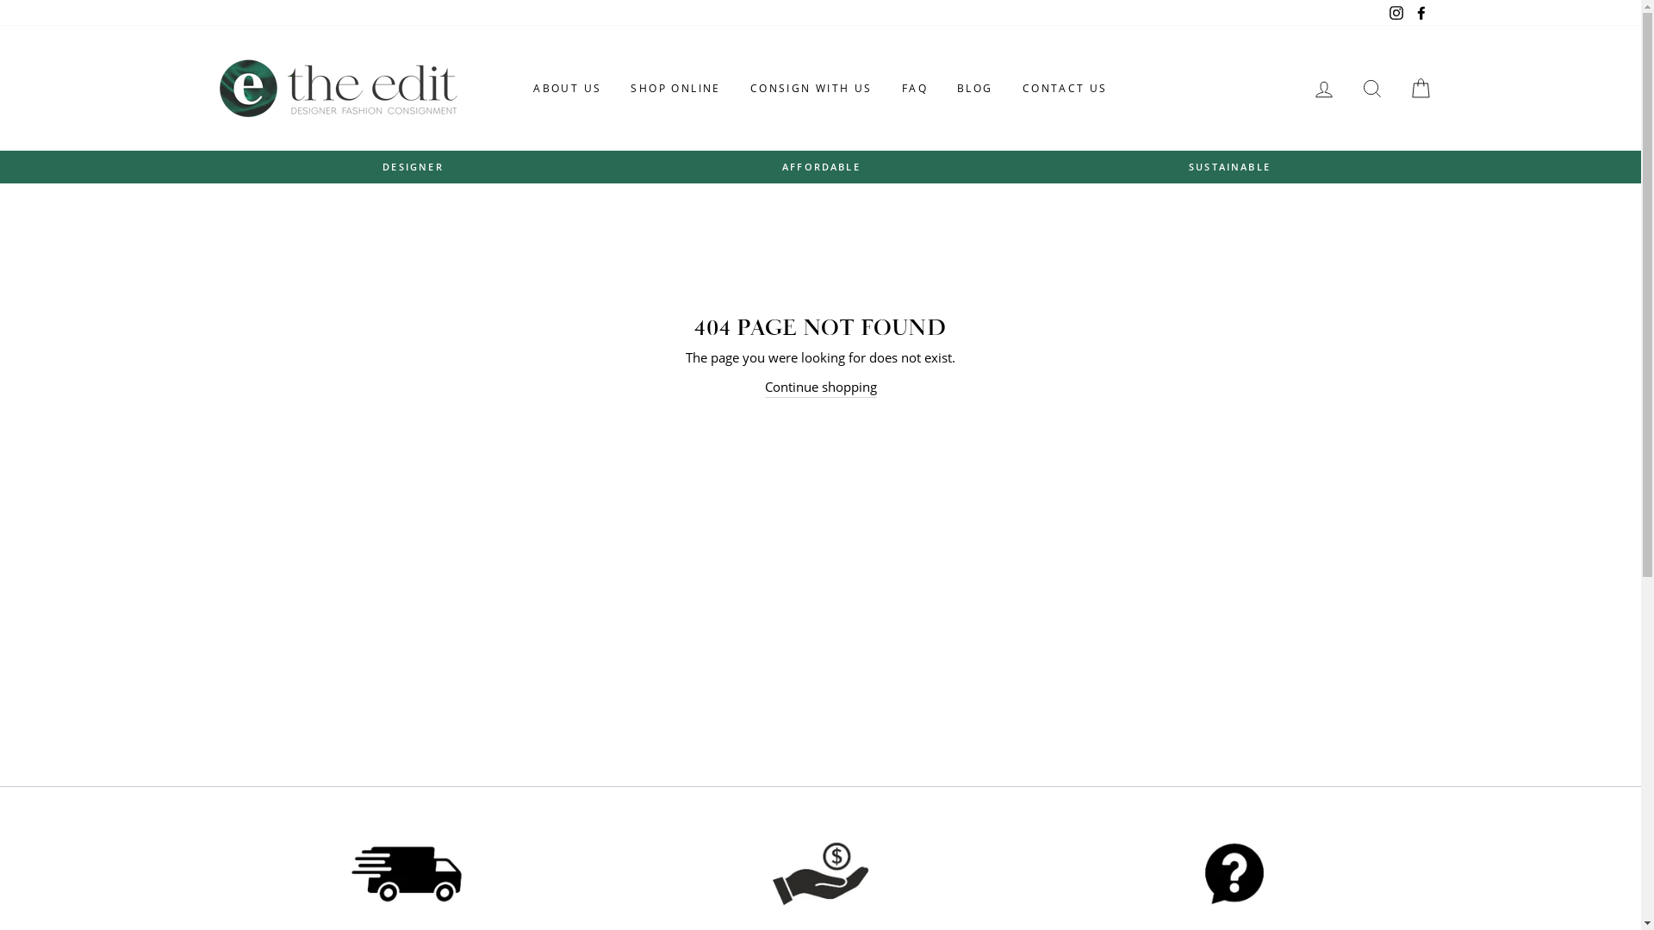  I want to click on 'CONSIGN WITH US', so click(810, 89).